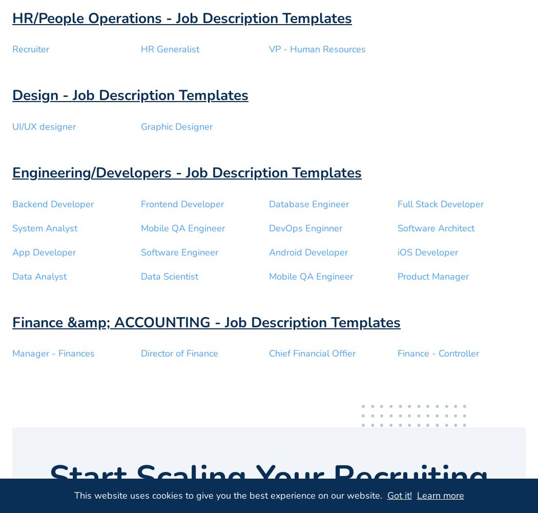 The width and height of the screenshot is (538, 513). What do you see at coordinates (130, 95) in the screenshot?
I see `'Design - Job Description Templates'` at bounding box center [130, 95].